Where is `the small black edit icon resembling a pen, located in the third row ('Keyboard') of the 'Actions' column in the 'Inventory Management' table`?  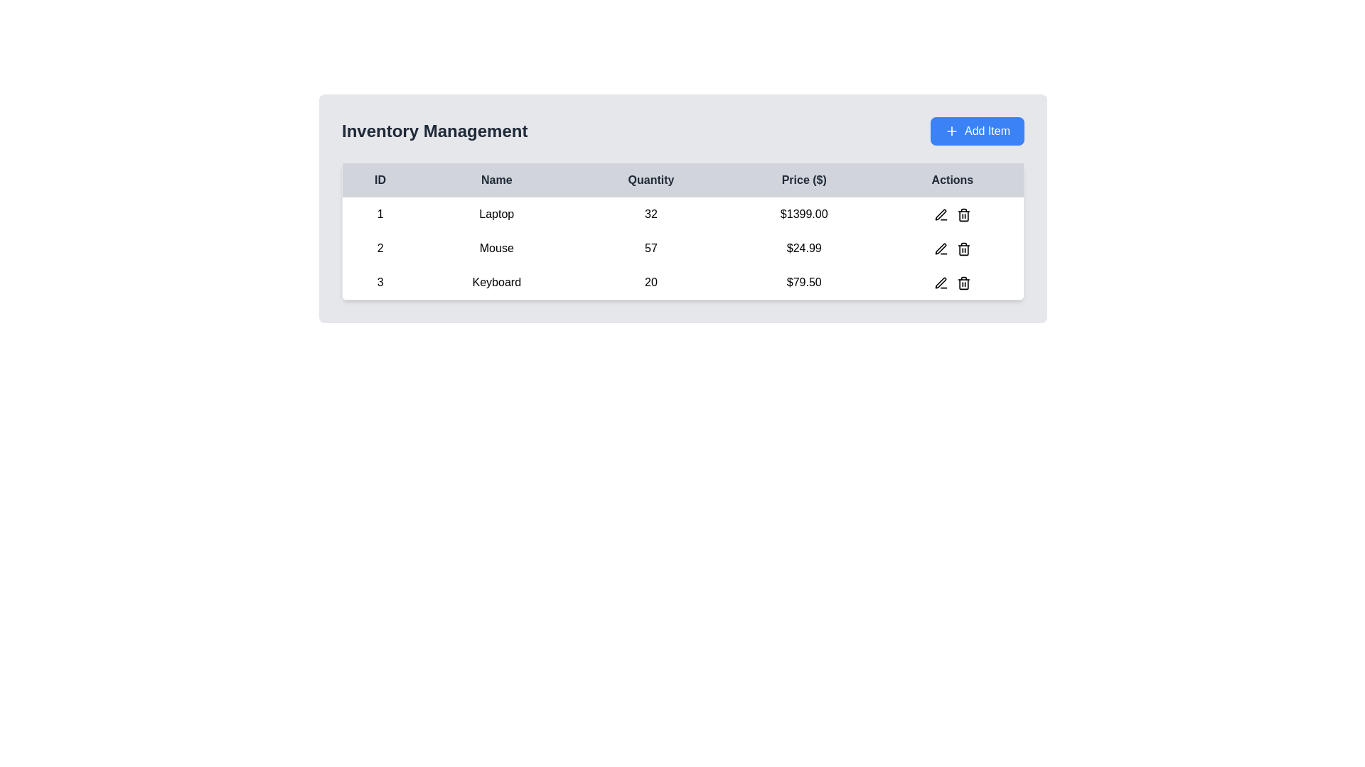 the small black edit icon resembling a pen, located in the third row ('Keyboard') of the 'Actions' column in the 'Inventory Management' table is located at coordinates (941, 283).